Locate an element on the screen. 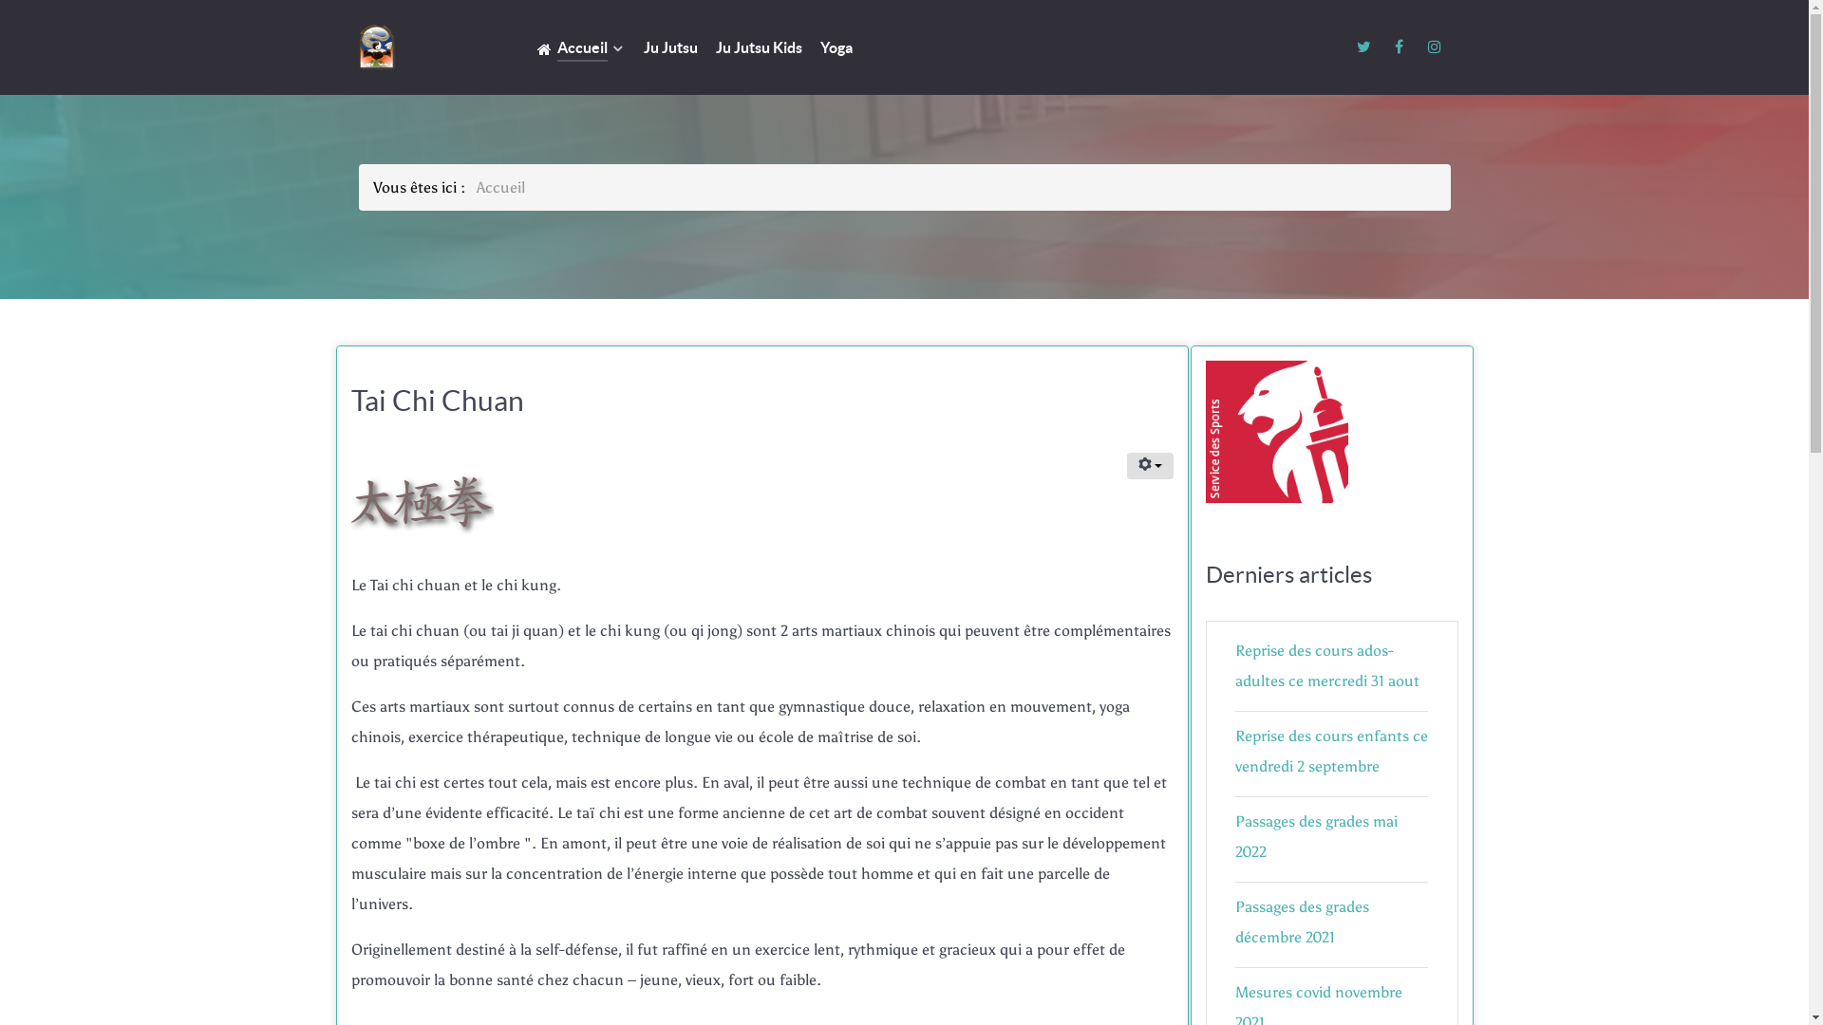 Image resolution: width=1823 pixels, height=1025 pixels. 'Ju Jutsu Kids' is located at coordinates (758, 47).